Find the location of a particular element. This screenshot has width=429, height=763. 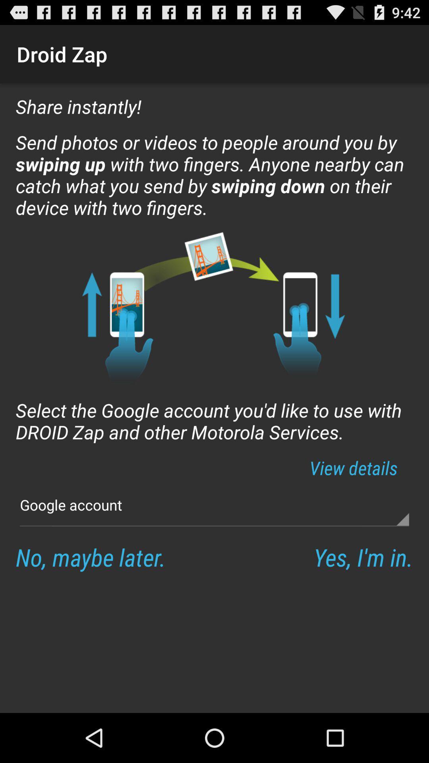

the item below google account button is located at coordinates (363, 556).